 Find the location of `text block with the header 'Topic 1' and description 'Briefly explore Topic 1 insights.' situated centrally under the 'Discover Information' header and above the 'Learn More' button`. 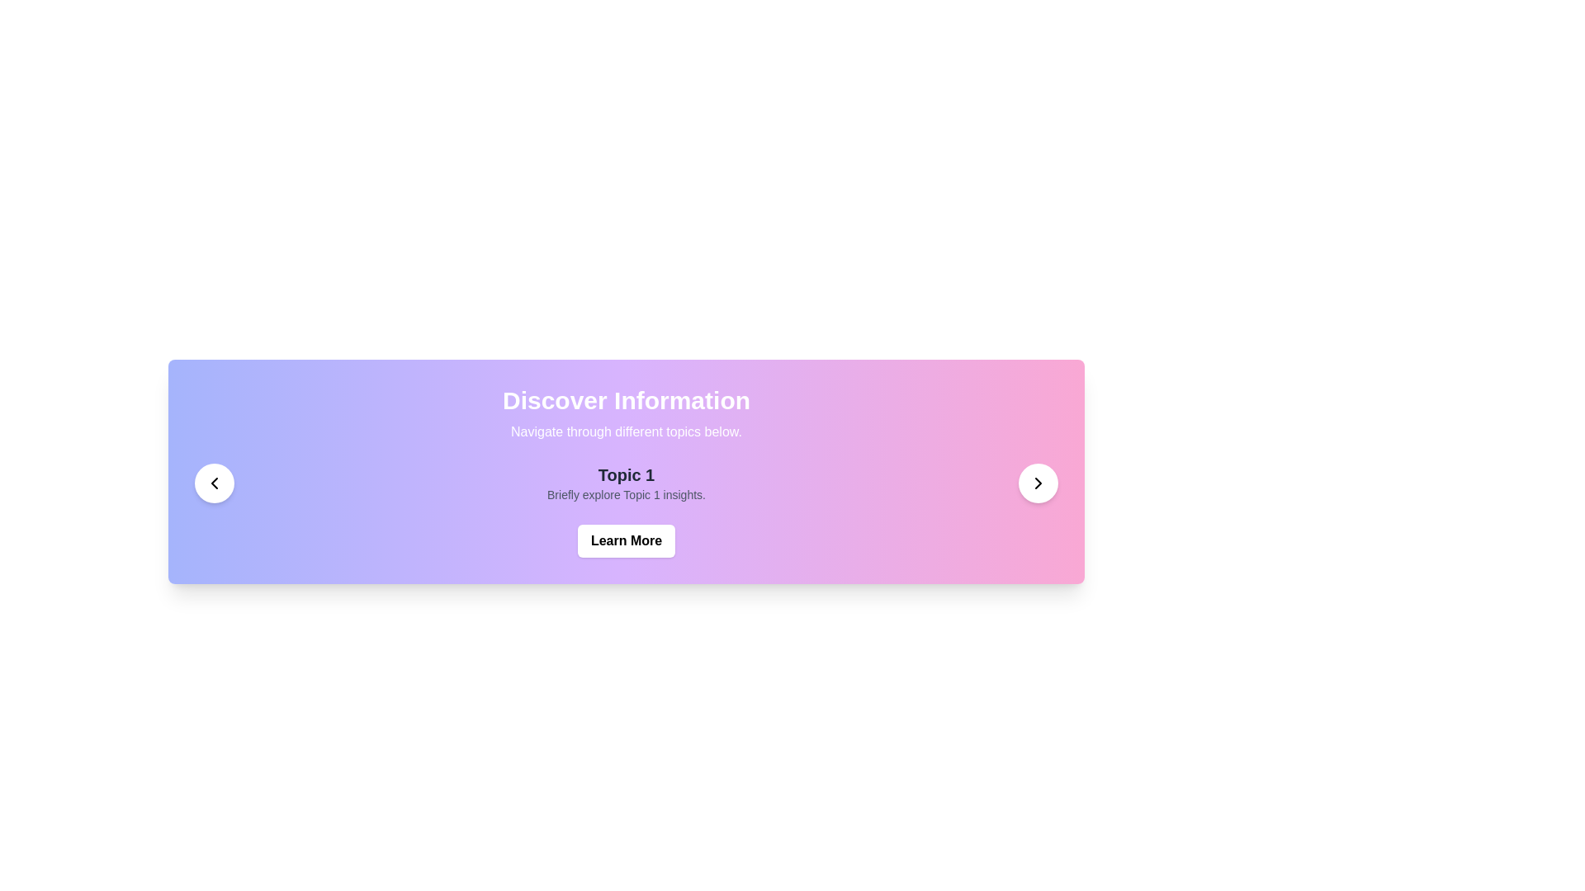

text block with the header 'Topic 1' and description 'Briefly explore Topic 1 insights.' situated centrally under the 'Discover Information' header and above the 'Learn More' button is located at coordinates (625, 483).